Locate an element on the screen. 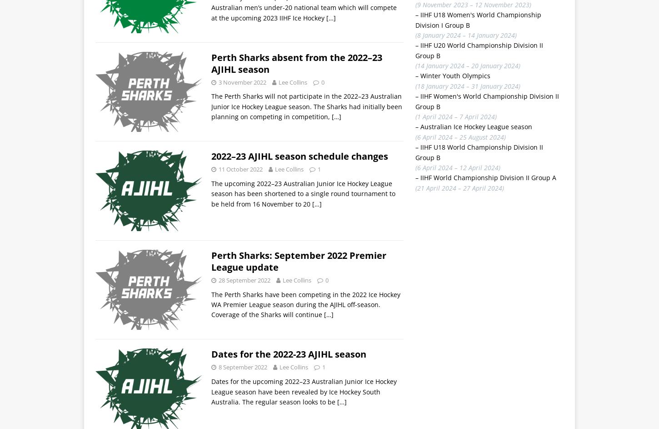  'Winter Youth Olympics' is located at coordinates (454, 75).